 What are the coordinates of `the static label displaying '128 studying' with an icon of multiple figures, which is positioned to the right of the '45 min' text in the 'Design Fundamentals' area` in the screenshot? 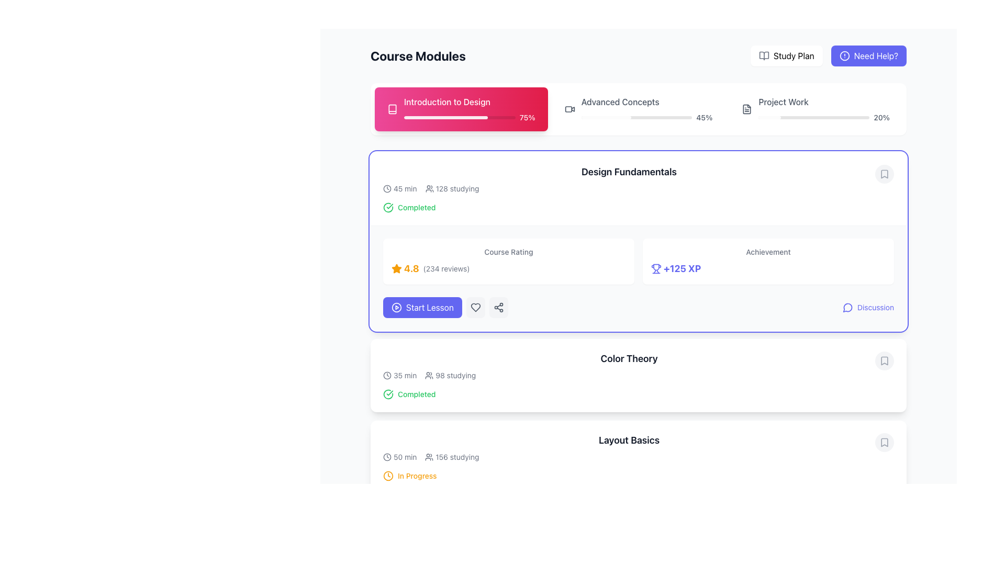 It's located at (452, 189).